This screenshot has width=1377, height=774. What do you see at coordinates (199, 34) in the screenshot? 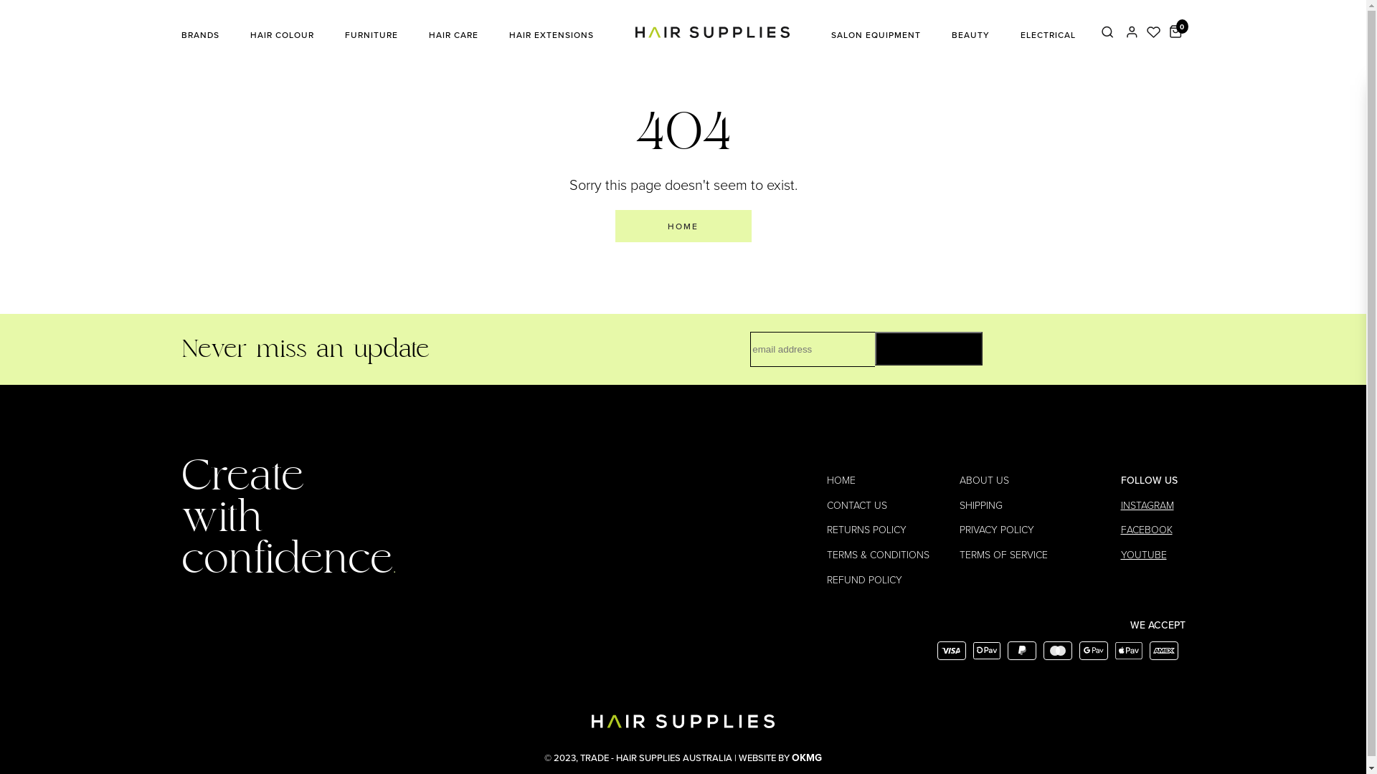
I see `'BRANDS'` at bounding box center [199, 34].